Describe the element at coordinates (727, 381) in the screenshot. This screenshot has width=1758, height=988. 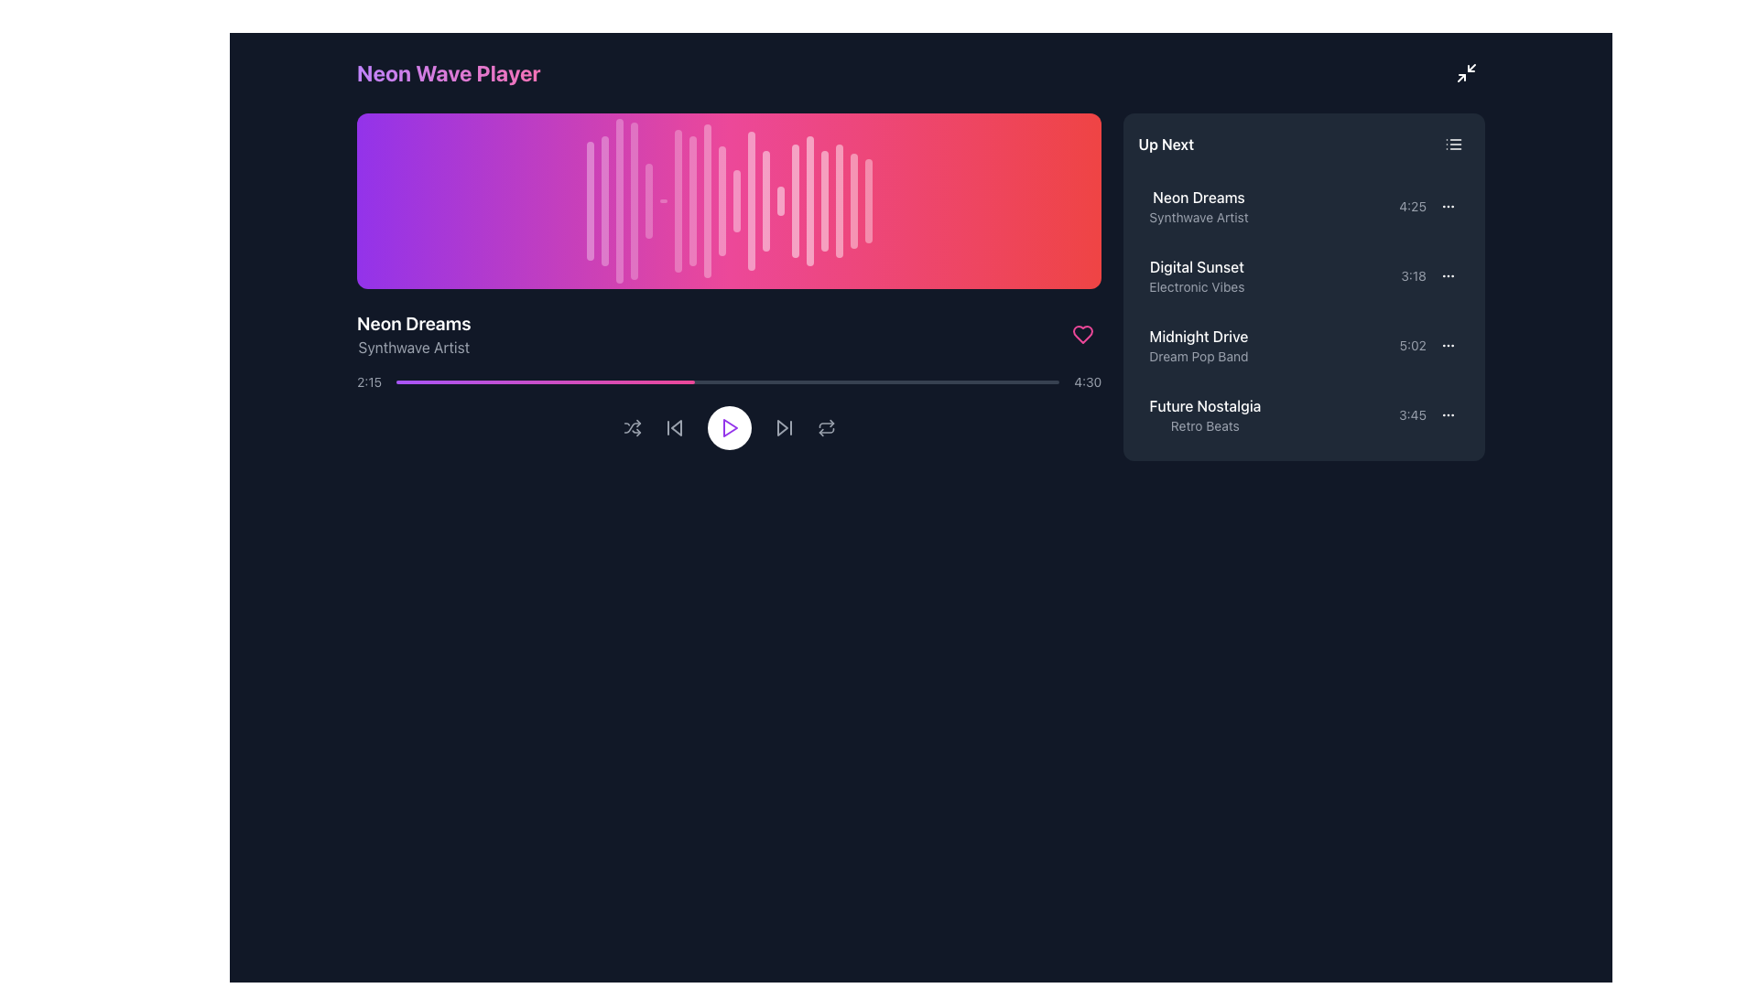
I see `the progress bar that displays the playback progress of the currently playing track, located centrally in the media player's playback control section` at that location.